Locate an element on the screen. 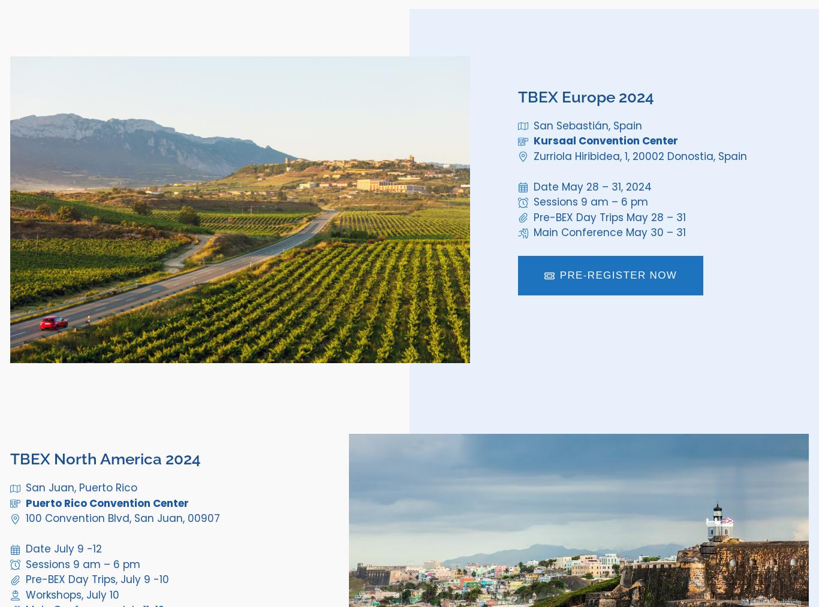 This screenshot has height=607, width=819. 'Main Conference May 30 – 31' is located at coordinates (532, 232).